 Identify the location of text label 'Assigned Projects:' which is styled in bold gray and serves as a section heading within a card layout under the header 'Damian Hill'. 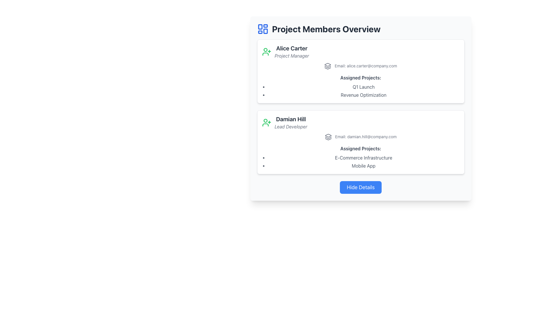
(360, 148).